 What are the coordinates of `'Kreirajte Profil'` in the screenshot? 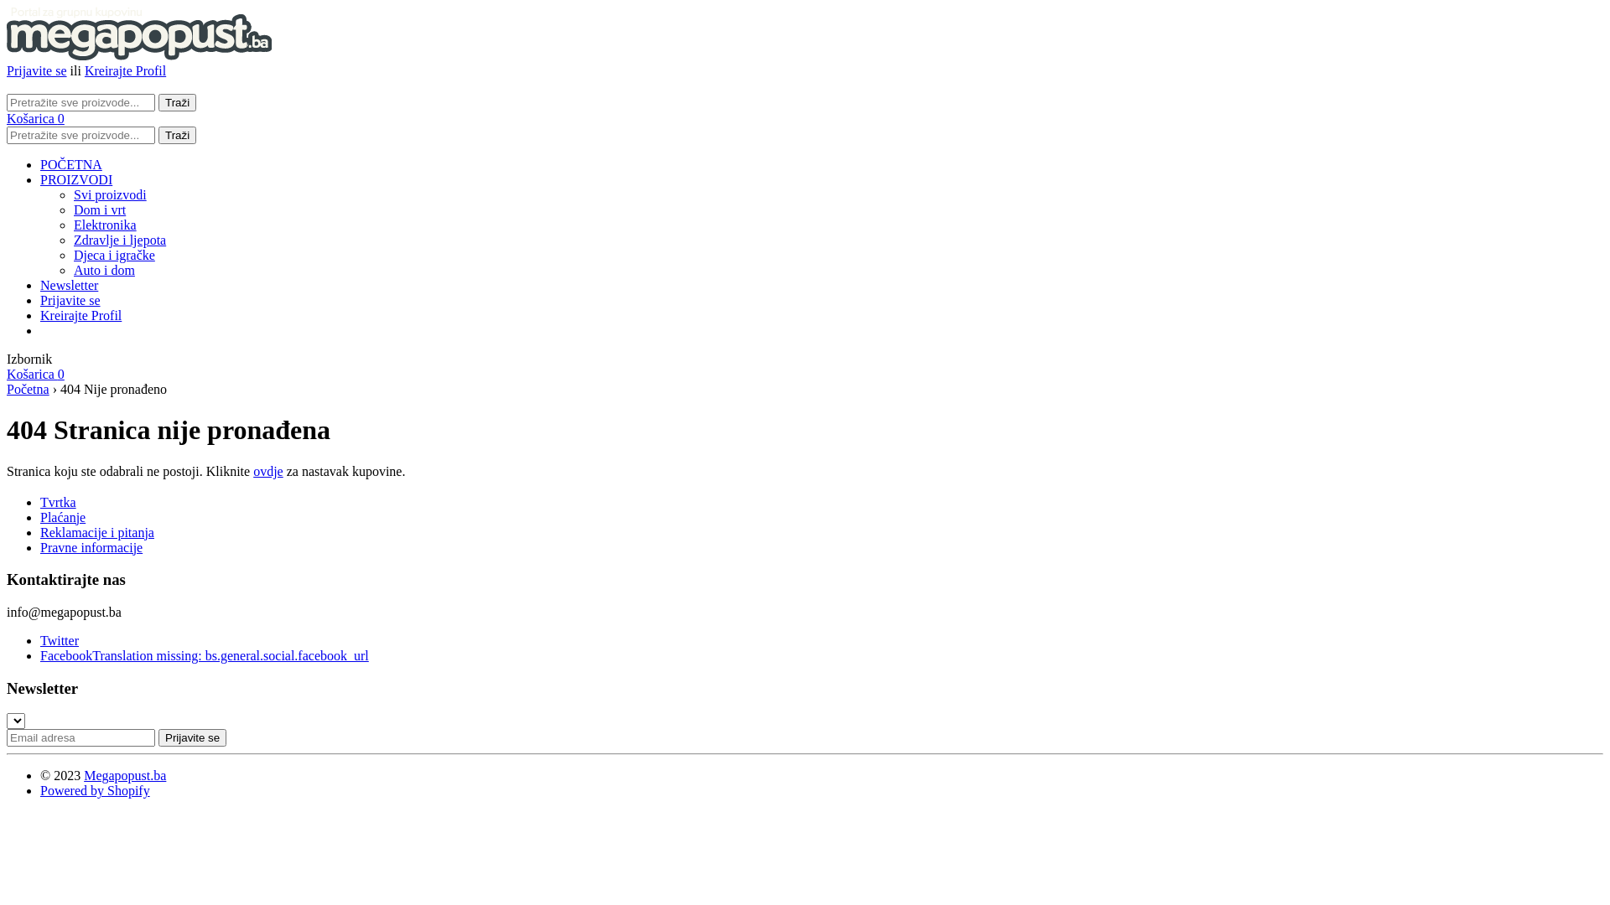 It's located at (80, 315).